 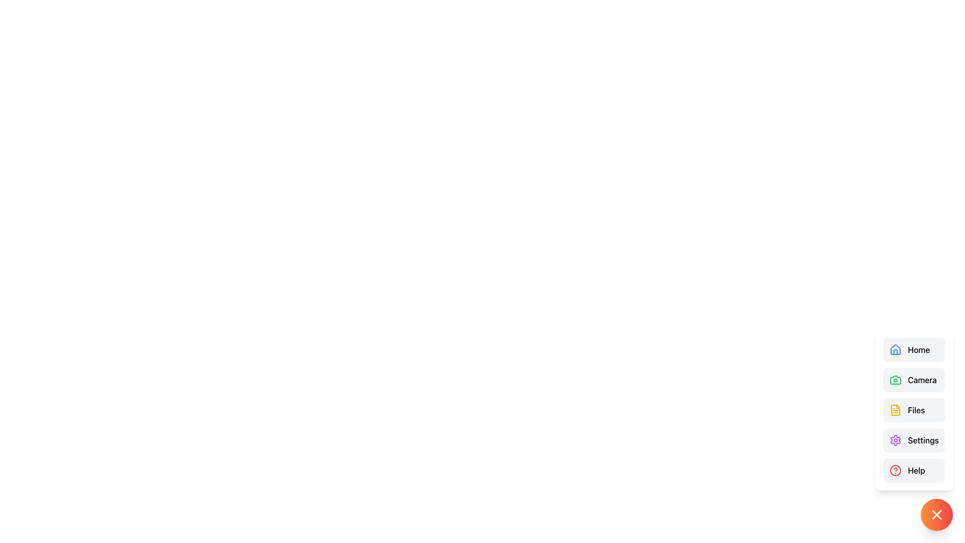 What do you see at coordinates (896, 410) in the screenshot?
I see `the 'Files' icon in the bottom-right corner of the vertical navigation menu` at bounding box center [896, 410].